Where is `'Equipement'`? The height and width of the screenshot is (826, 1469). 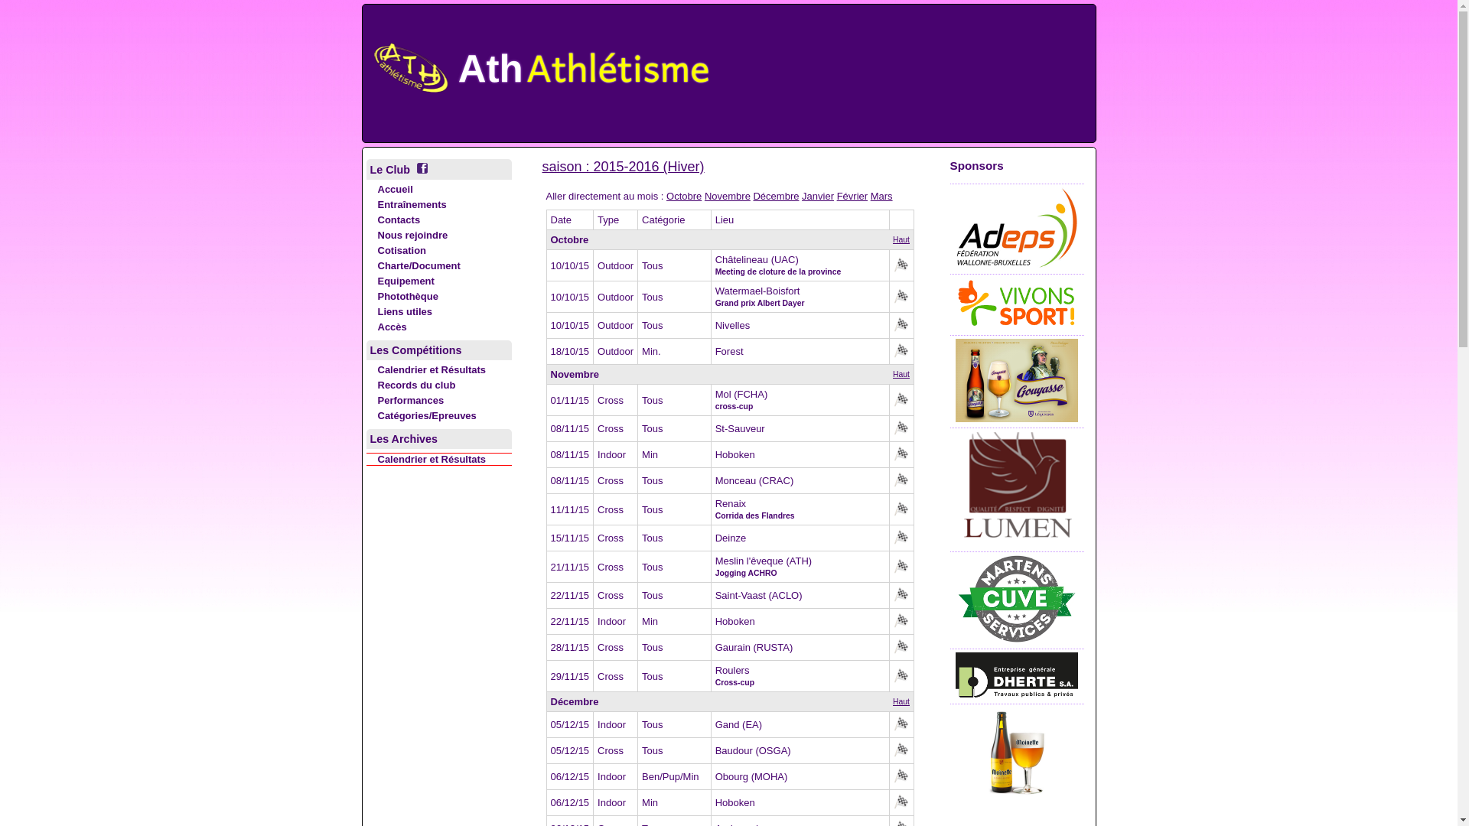
'Equipement' is located at coordinates (365, 281).